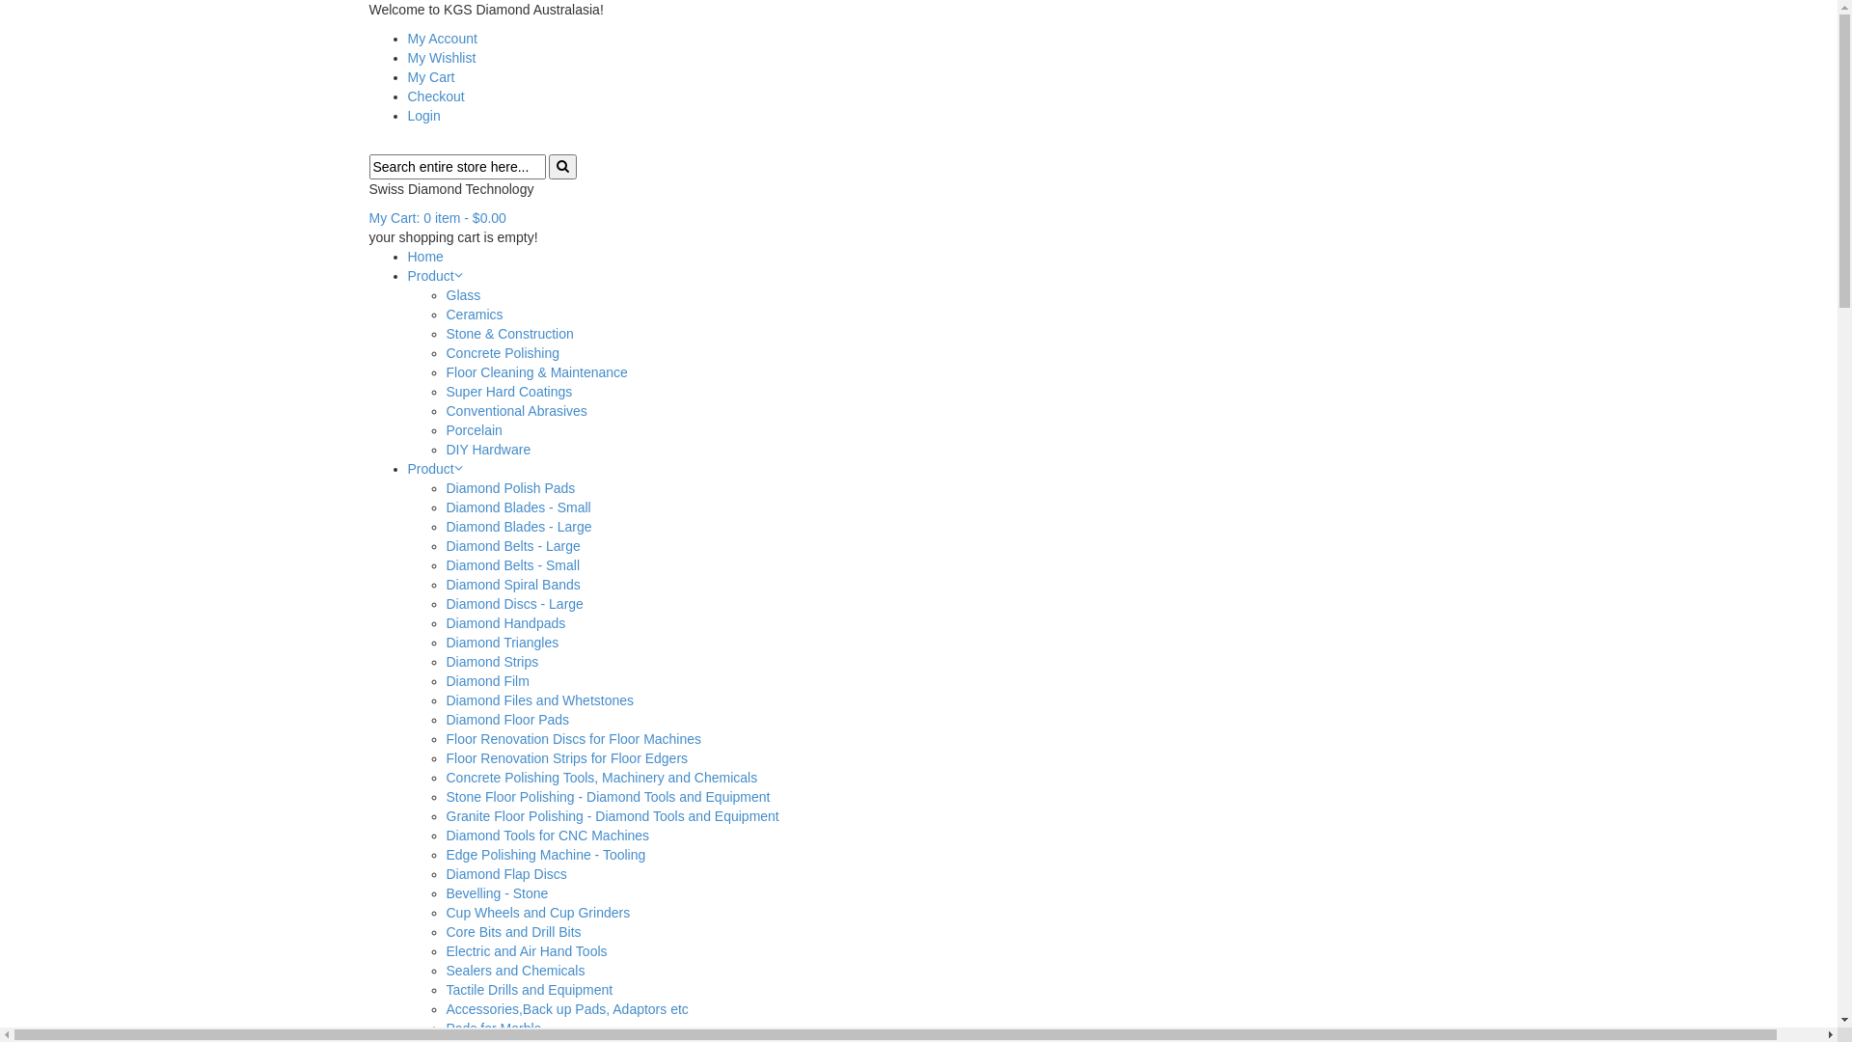 The width and height of the screenshot is (1852, 1042). Describe the element at coordinates (496, 892) in the screenshot. I see `'Bevelling - Stone'` at that location.